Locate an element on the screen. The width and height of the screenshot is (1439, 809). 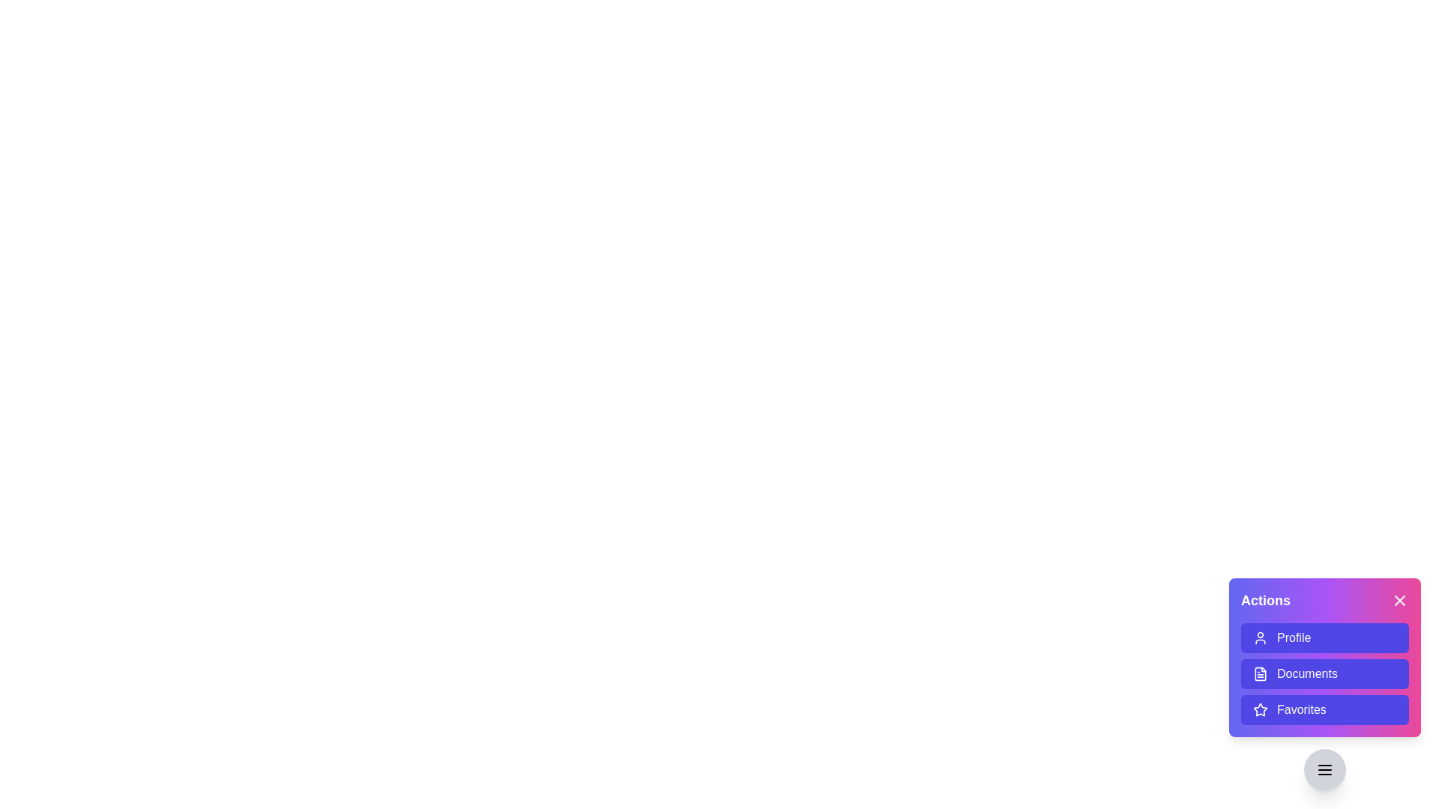
the 'Documents' button within the floating 'Actions' panel located in the bottom-right section of the layout is located at coordinates (1324, 657).